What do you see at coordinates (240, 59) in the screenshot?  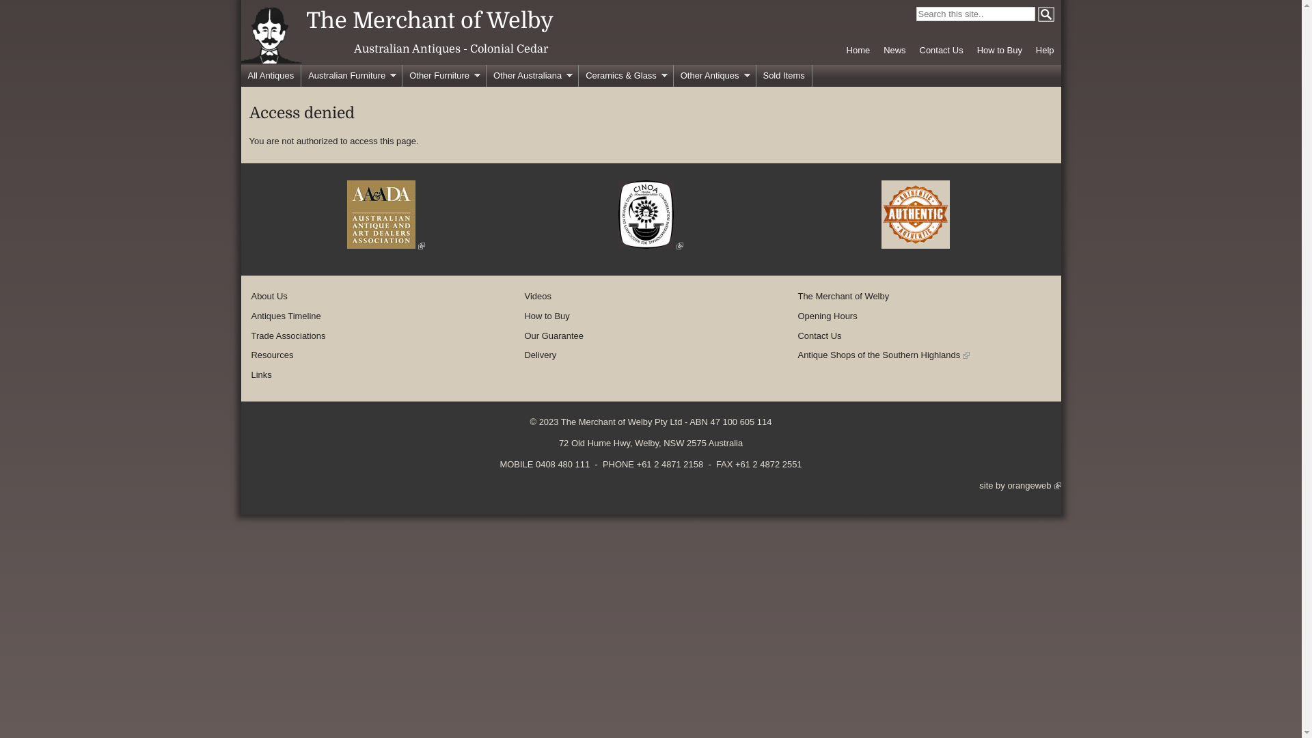 I see `'Home page'` at bounding box center [240, 59].